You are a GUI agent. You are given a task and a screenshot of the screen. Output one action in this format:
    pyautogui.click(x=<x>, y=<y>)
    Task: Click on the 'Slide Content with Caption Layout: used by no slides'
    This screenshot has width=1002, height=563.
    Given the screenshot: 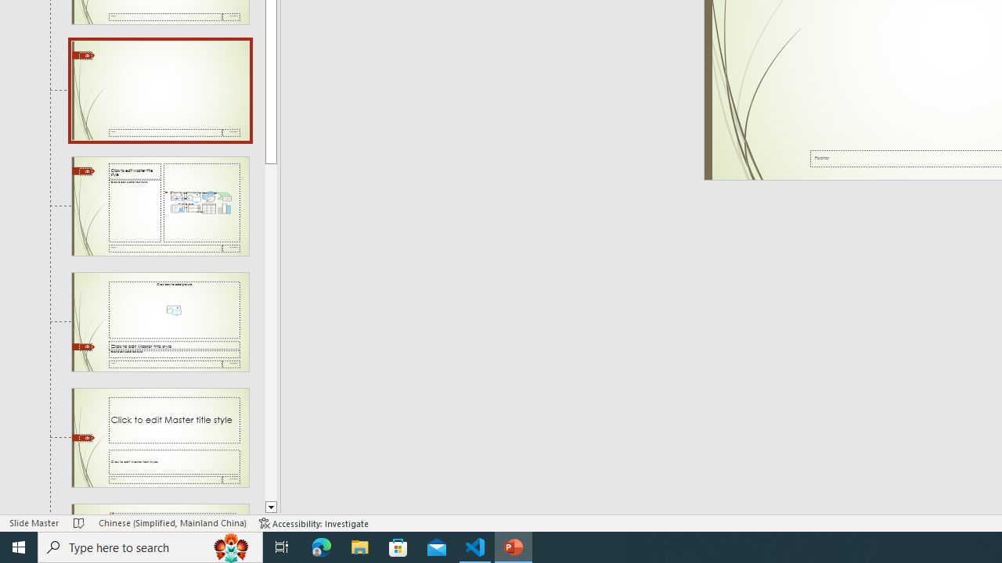 What is the action you would take?
    pyautogui.click(x=160, y=205)
    